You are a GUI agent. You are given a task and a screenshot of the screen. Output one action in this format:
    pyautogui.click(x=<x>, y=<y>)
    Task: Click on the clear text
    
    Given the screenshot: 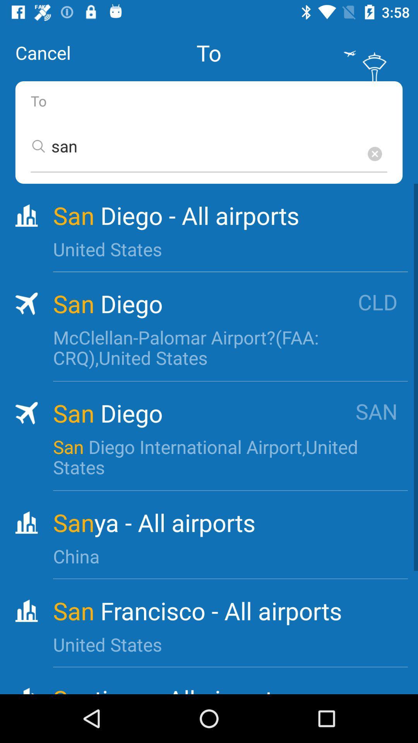 What is the action you would take?
    pyautogui.click(x=374, y=154)
    